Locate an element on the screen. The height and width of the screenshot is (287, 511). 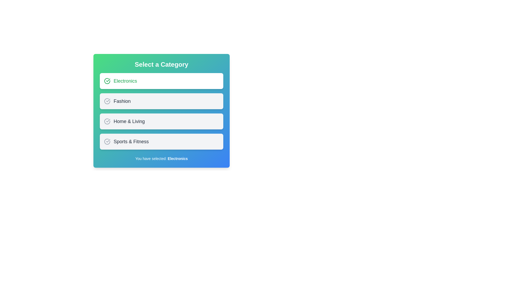
the 'Sports & Fitness' text label is located at coordinates (131, 141).